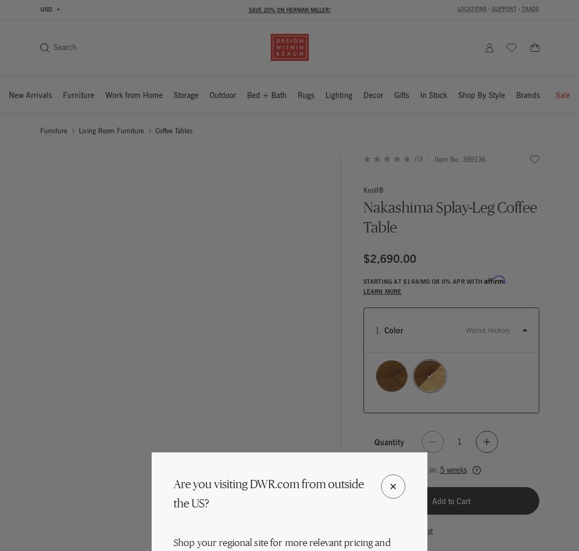  I want to click on 'Shop By Style', so click(481, 95).